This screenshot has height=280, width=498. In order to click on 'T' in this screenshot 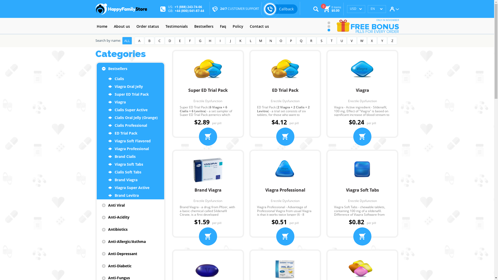, I will do `click(331, 40)`.